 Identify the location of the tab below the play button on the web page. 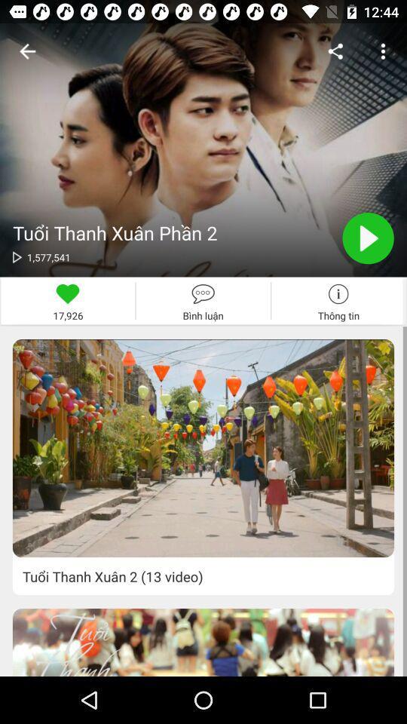
(338, 300).